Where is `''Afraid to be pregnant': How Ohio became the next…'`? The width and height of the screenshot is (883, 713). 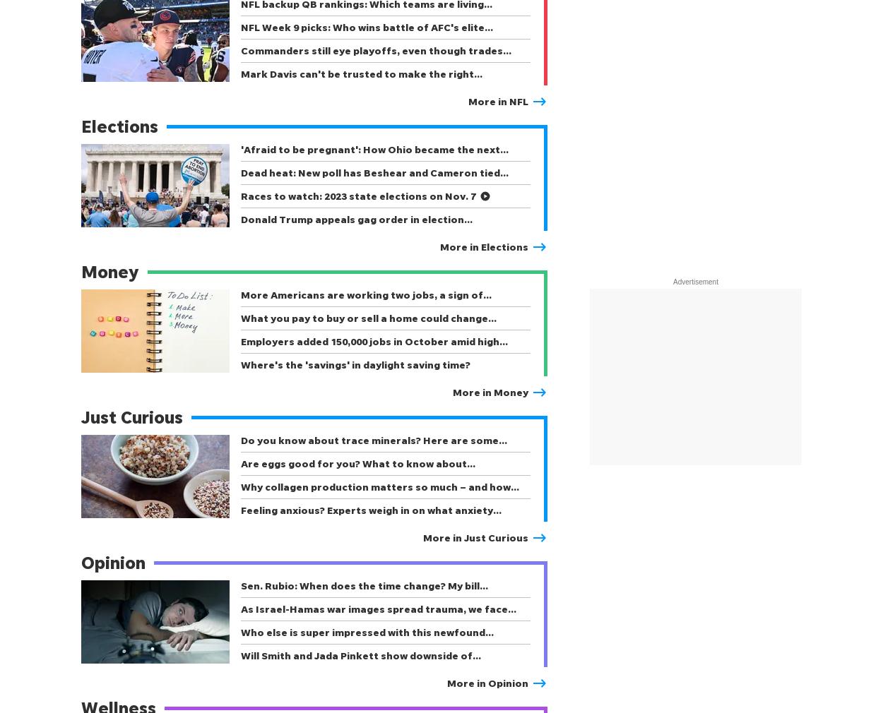
''Afraid to be pregnant': How Ohio became the next…' is located at coordinates (374, 148).